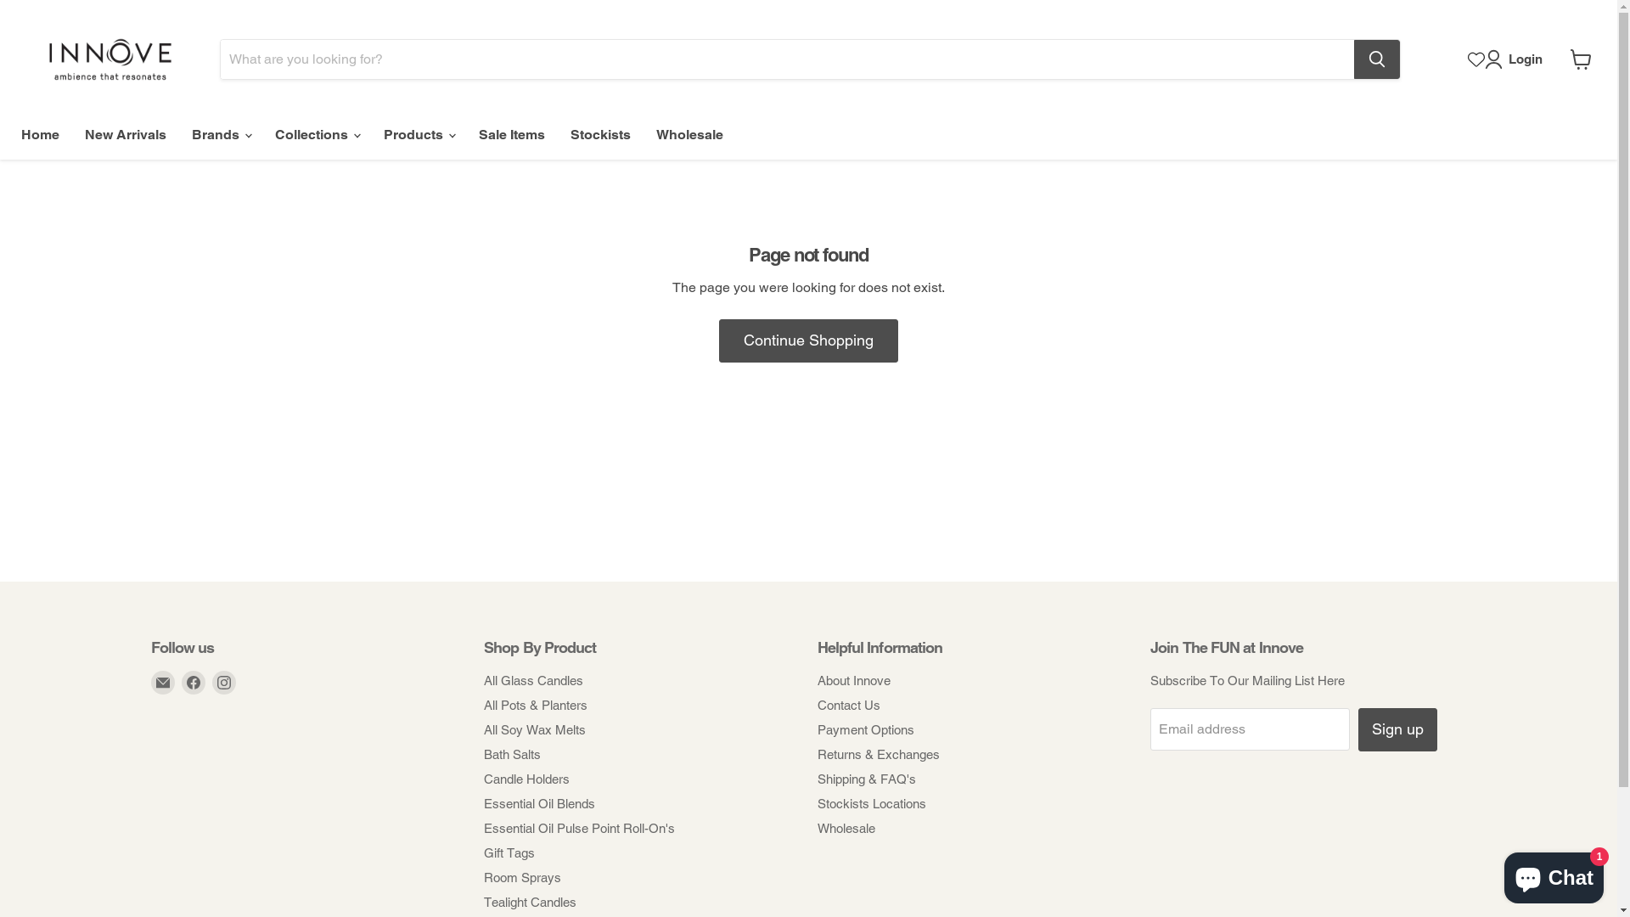  I want to click on 'Find us on Instagram', so click(223, 681).